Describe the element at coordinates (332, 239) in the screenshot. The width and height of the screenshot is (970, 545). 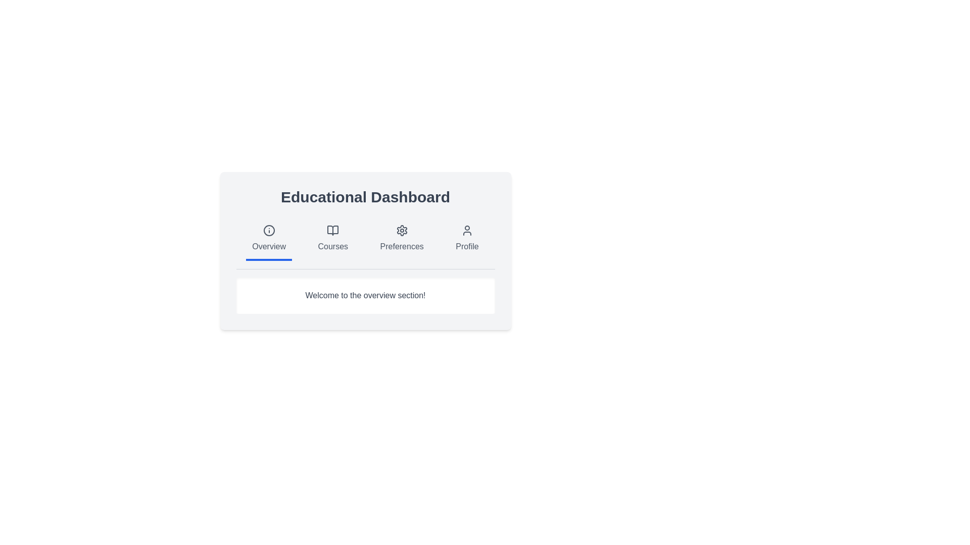
I see `the 'Courses' button` at that location.